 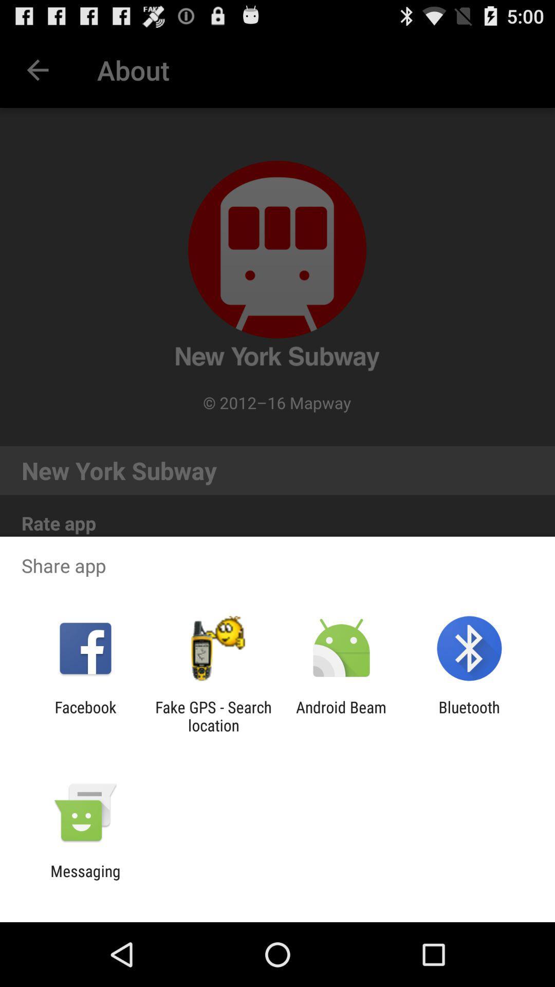 What do you see at coordinates (469, 716) in the screenshot?
I see `item at the bottom right corner` at bounding box center [469, 716].